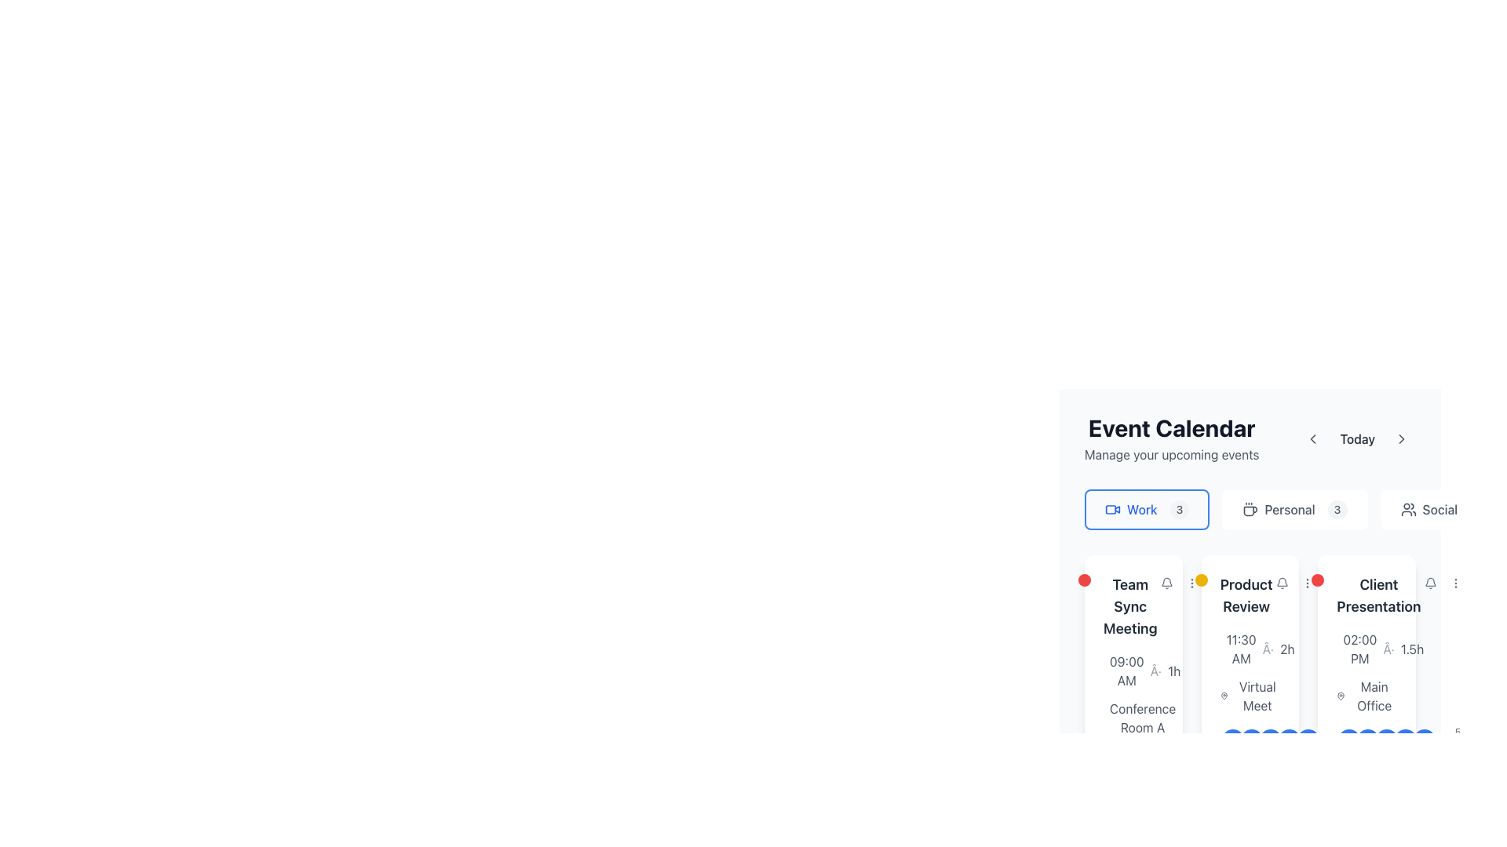  I want to click on the Indicator Icon located in the top-left region of the 'Product Review' card, which visually indicates a status or notable feature, so click(1200, 580).